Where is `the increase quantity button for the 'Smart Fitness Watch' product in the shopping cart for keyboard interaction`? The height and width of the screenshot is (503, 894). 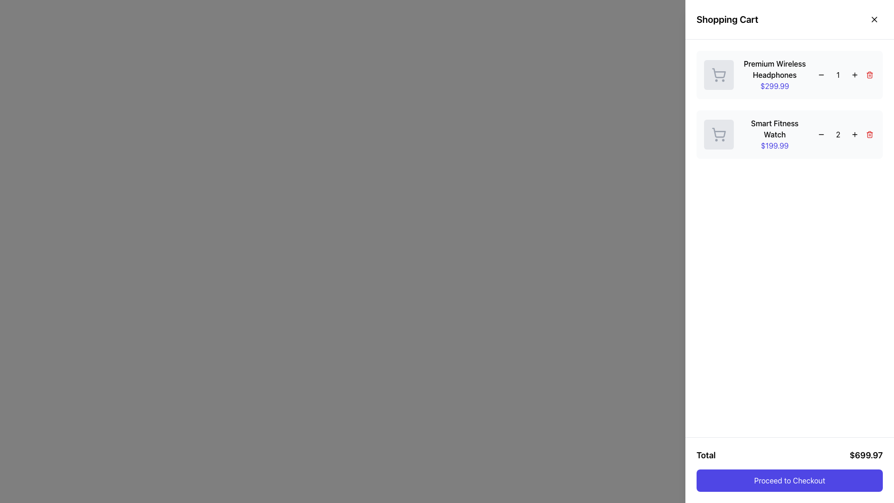
the increase quantity button for the 'Smart Fitness Watch' product in the shopping cart for keyboard interaction is located at coordinates (855, 135).